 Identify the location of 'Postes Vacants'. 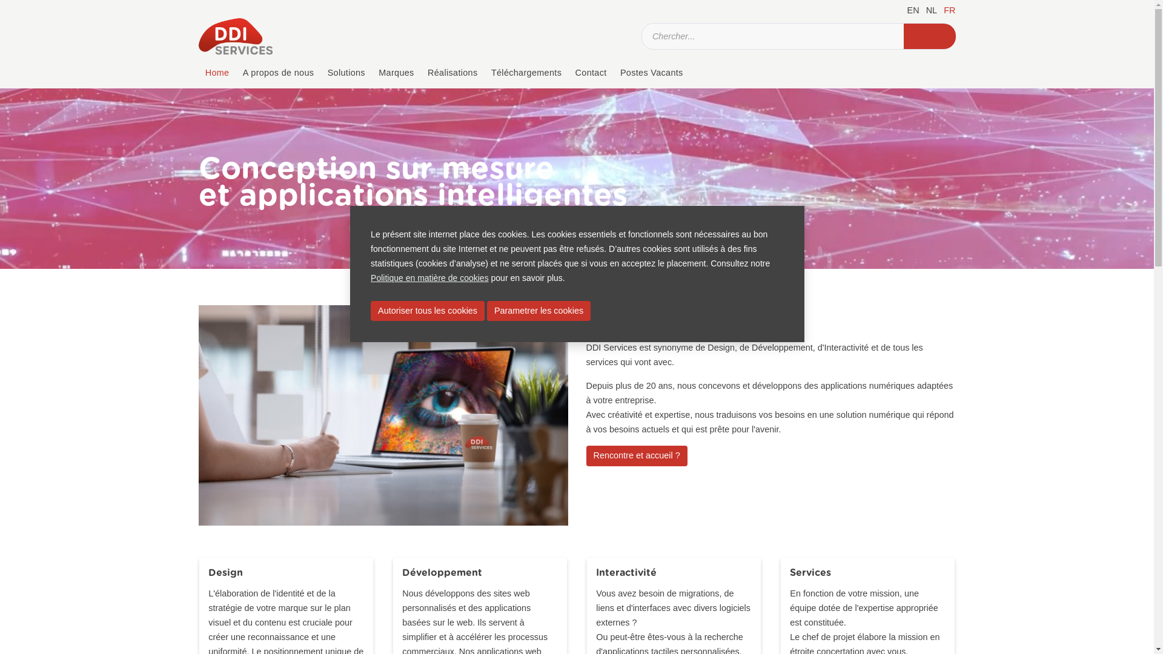
(613, 73).